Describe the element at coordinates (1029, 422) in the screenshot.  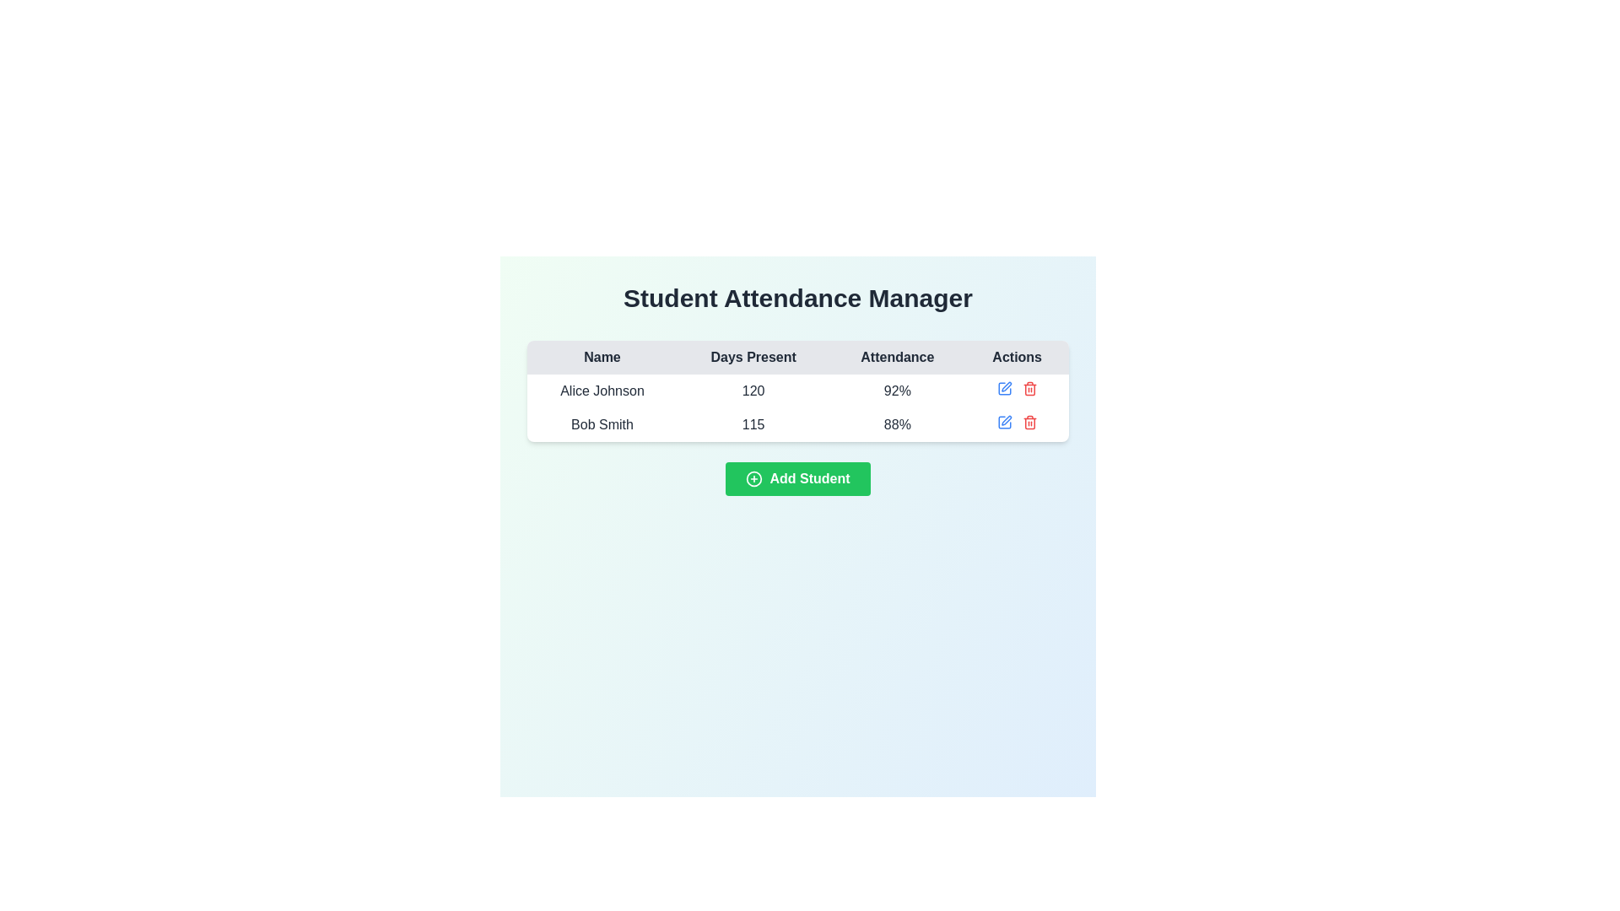
I see `the delete button located at the far right of the 'Actions' column in the second row of the table for keyboard interaction` at that location.